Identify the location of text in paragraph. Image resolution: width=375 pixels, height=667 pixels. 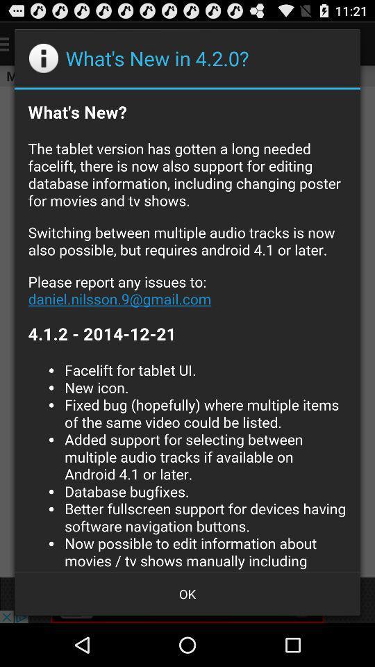
(187, 330).